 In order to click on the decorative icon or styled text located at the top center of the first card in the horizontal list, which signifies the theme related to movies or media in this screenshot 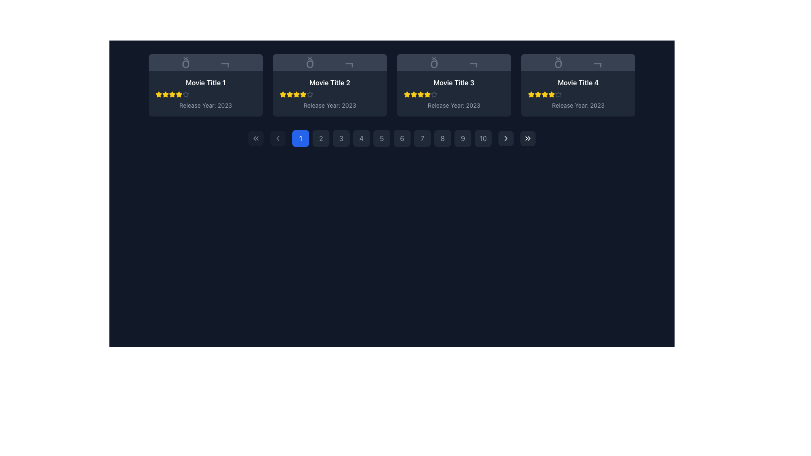, I will do `click(205, 62)`.